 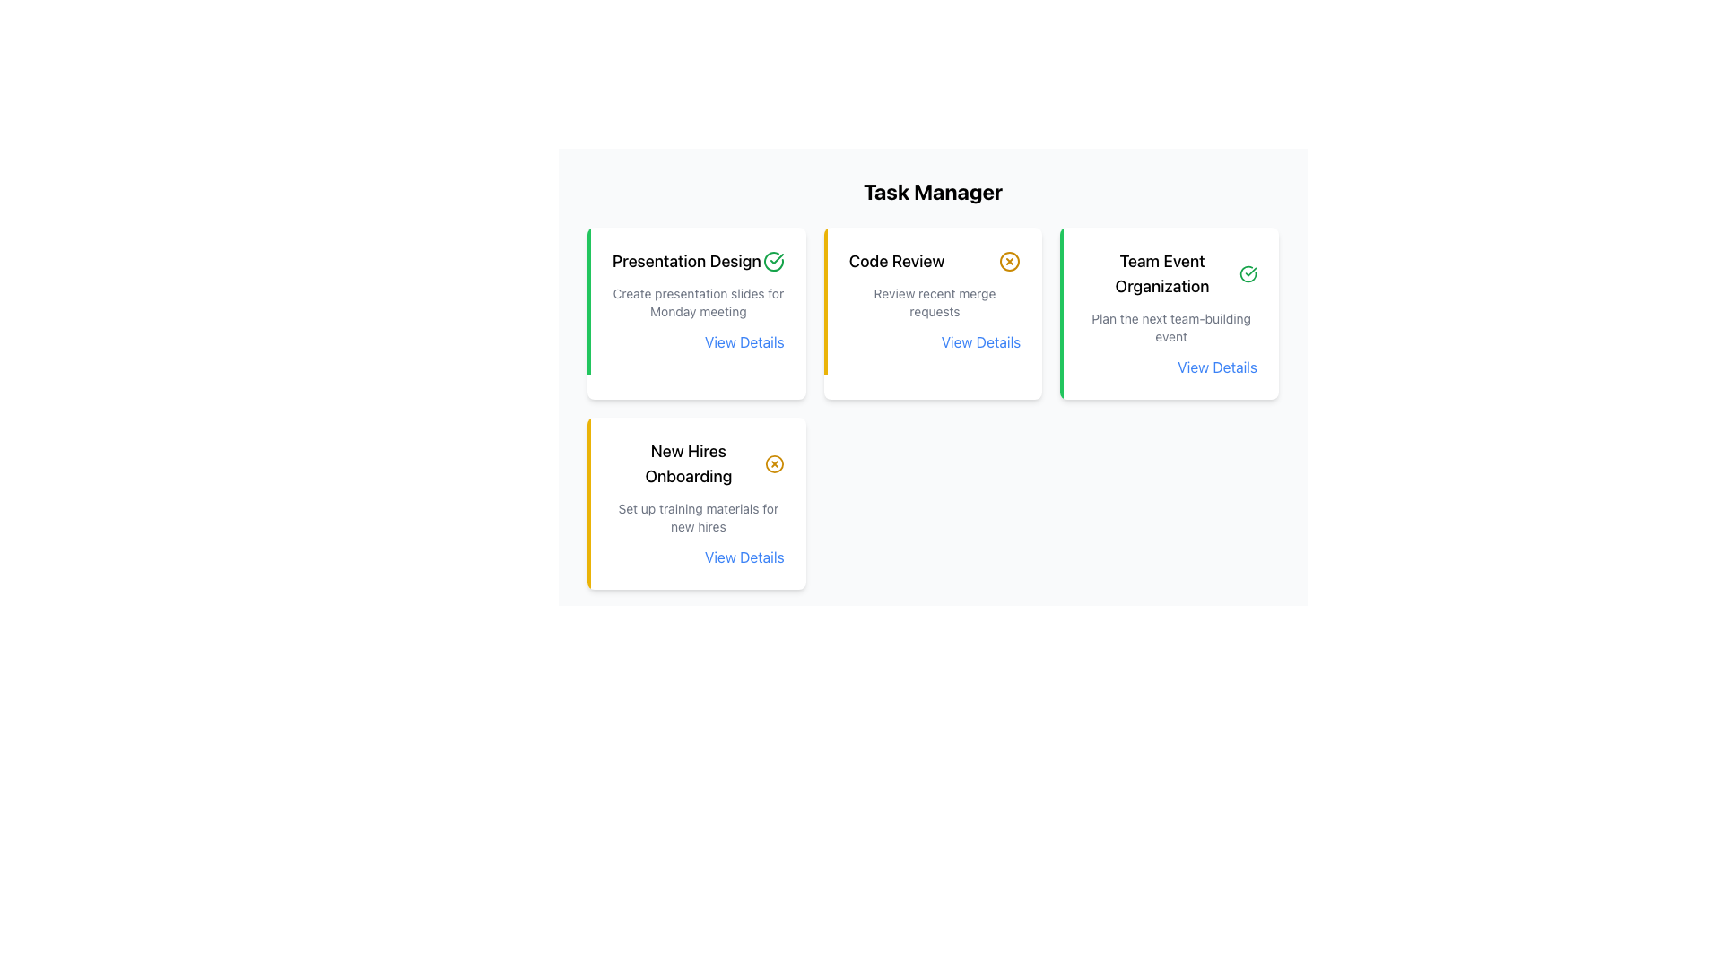 What do you see at coordinates (687, 462) in the screenshot?
I see `the text label that conveys the title of the task related to onboarding new hires, located at the center of the second card in the first row of task cards labeled 'New Hires Onboarding'` at bounding box center [687, 462].